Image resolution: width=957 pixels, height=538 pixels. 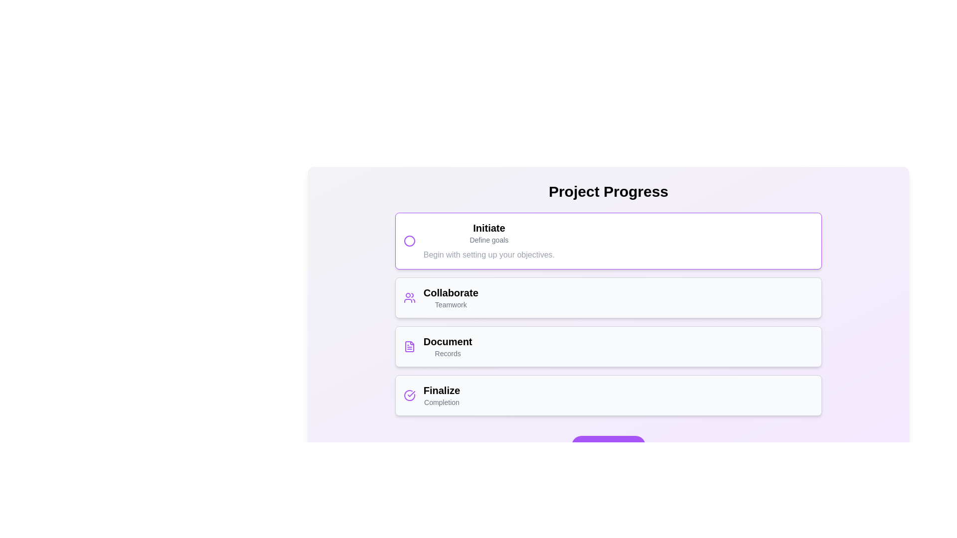 What do you see at coordinates (441, 402) in the screenshot?
I see `the secondary descriptive label below the title 'Finalize' on the card in the bottom section of the layout` at bounding box center [441, 402].